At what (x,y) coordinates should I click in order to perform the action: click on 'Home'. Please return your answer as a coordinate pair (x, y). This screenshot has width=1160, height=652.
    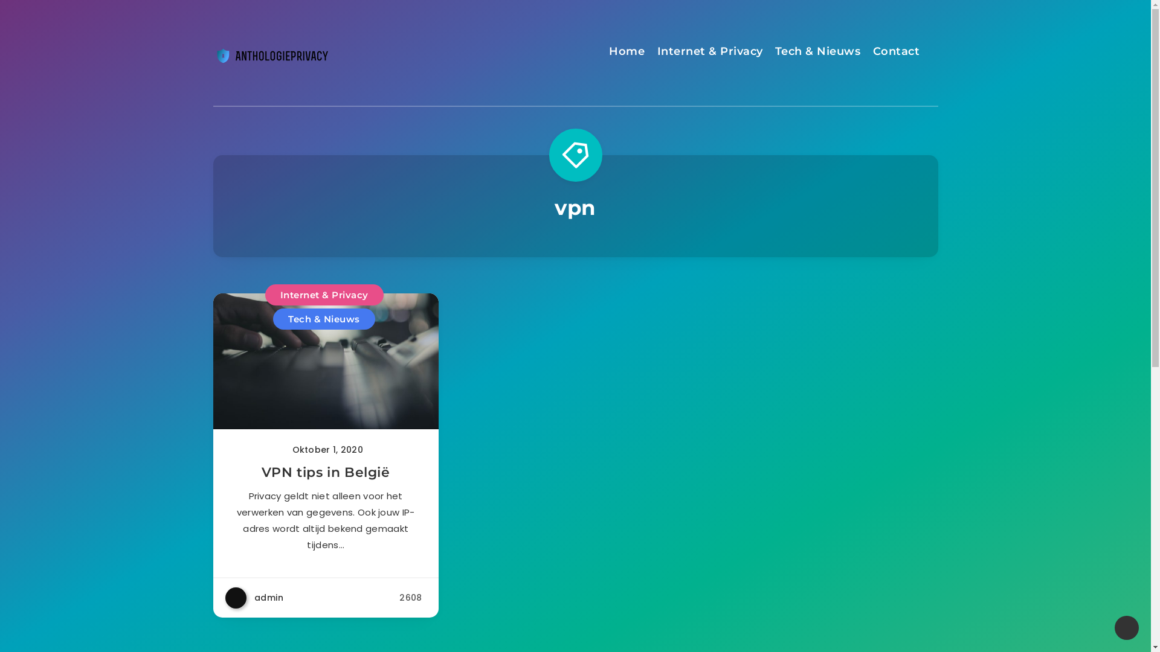
    Looking at the image, I should click on (627, 52).